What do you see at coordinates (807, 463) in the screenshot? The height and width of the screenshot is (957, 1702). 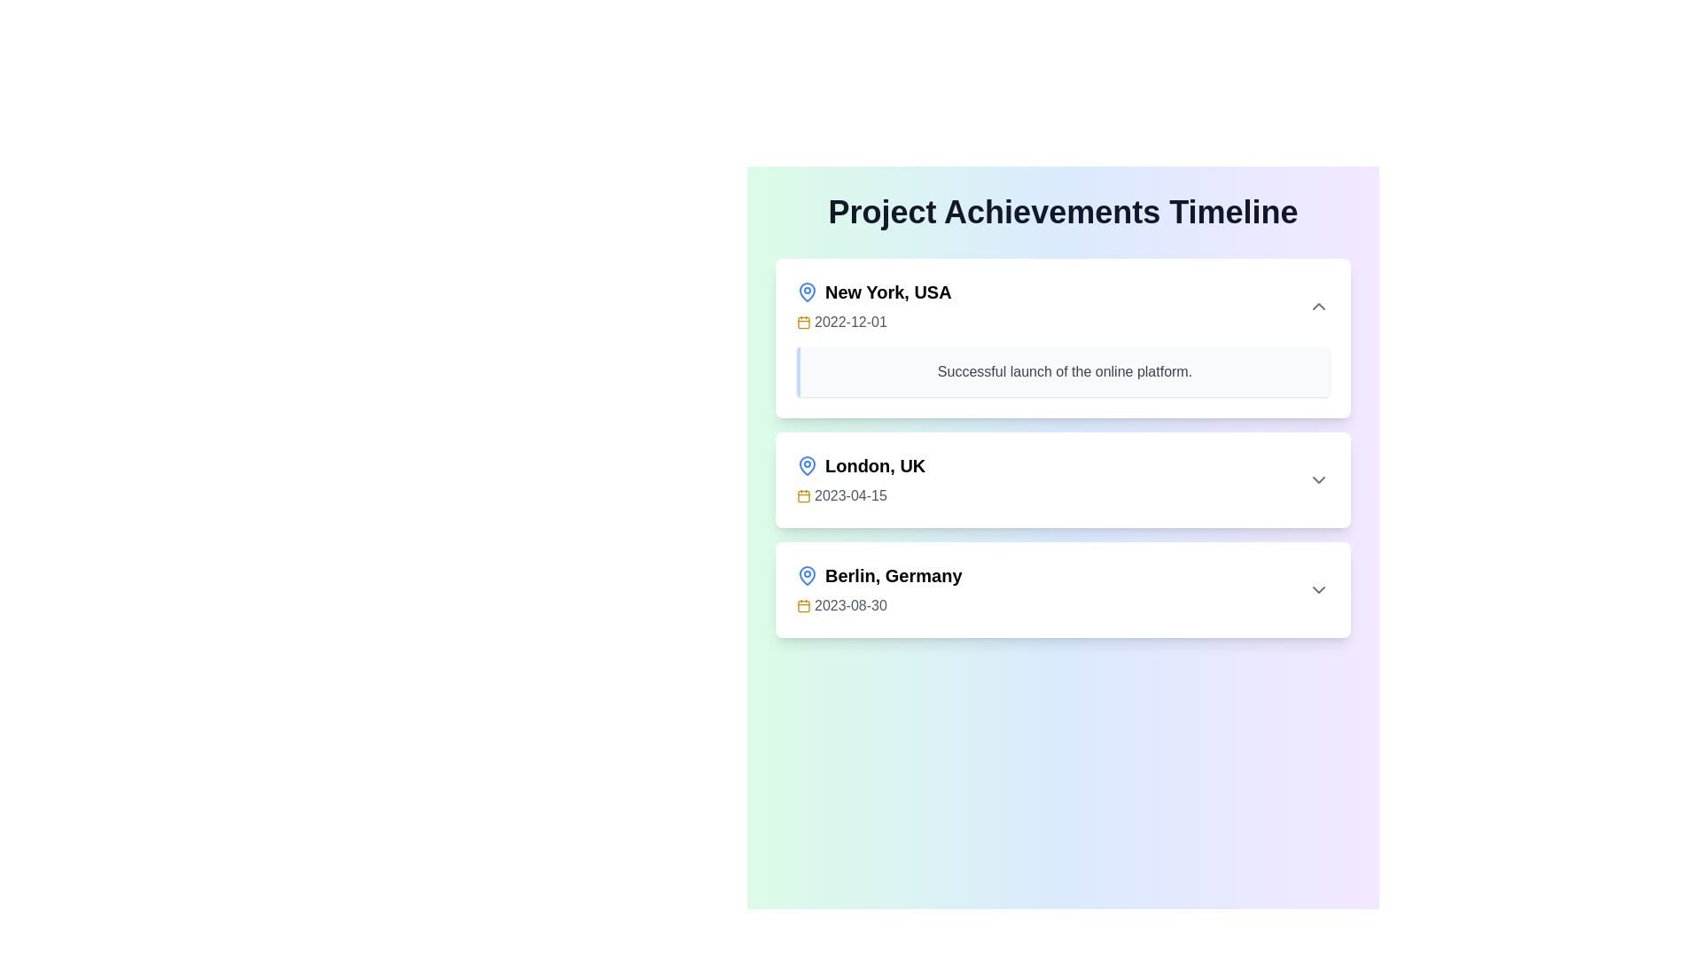 I see `the map pin icon representing 'London, UK' in the timeline, which is located between 'New York, USA' and 'Berlin, Germany'` at bounding box center [807, 463].